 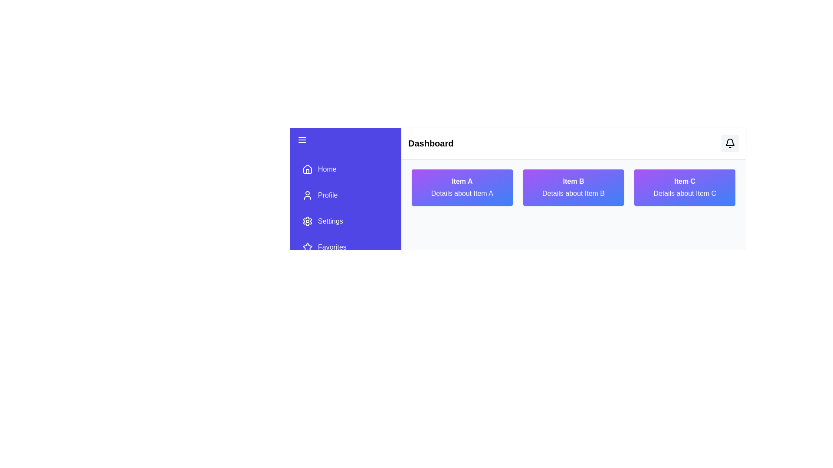 What do you see at coordinates (345, 195) in the screenshot?
I see `the user profile navigation button located in the sidebar, positioned below the 'Home' button and above the 'Settings' button` at bounding box center [345, 195].